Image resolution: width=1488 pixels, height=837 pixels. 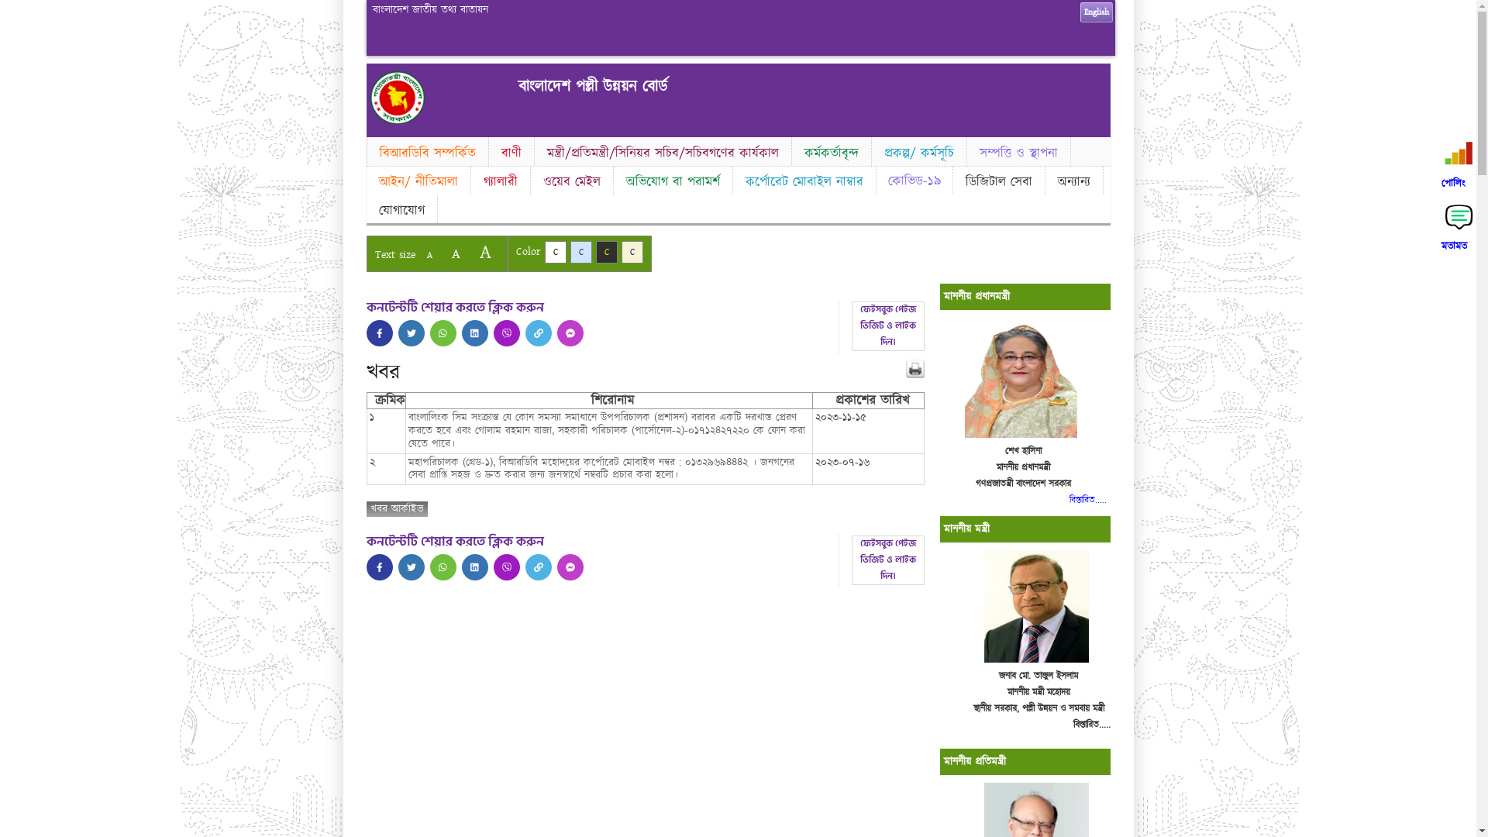 What do you see at coordinates (398, 119) in the screenshot?
I see `'Home'` at bounding box center [398, 119].